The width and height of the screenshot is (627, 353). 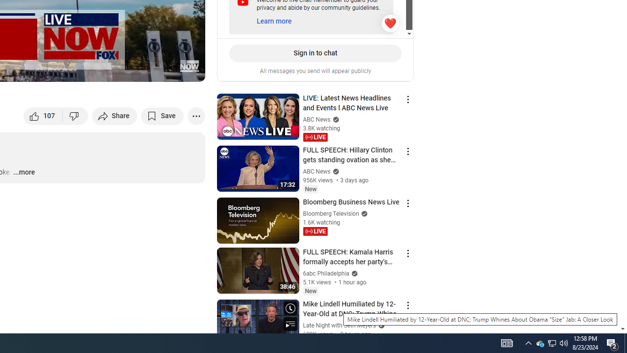 What do you see at coordinates (75, 115) in the screenshot?
I see `'Dislike this video'` at bounding box center [75, 115].